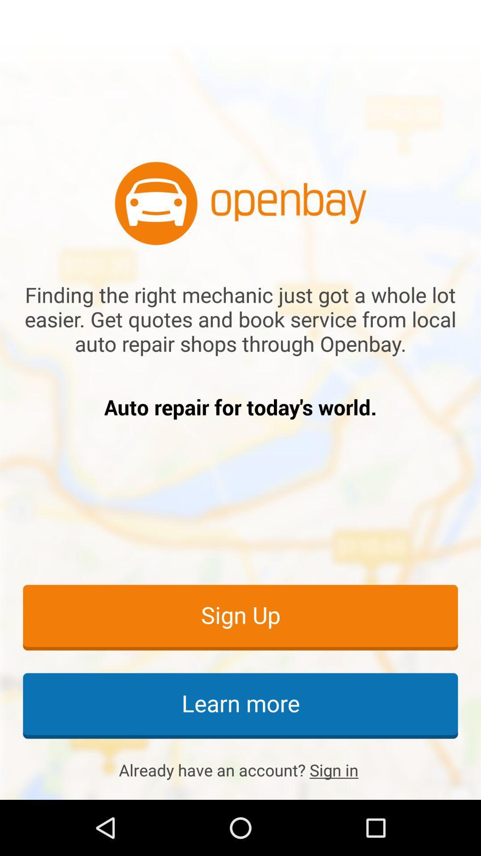 This screenshot has width=481, height=856. Describe the element at coordinates (240, 705) in the screenshot. I see `the learn more icon` at that location.